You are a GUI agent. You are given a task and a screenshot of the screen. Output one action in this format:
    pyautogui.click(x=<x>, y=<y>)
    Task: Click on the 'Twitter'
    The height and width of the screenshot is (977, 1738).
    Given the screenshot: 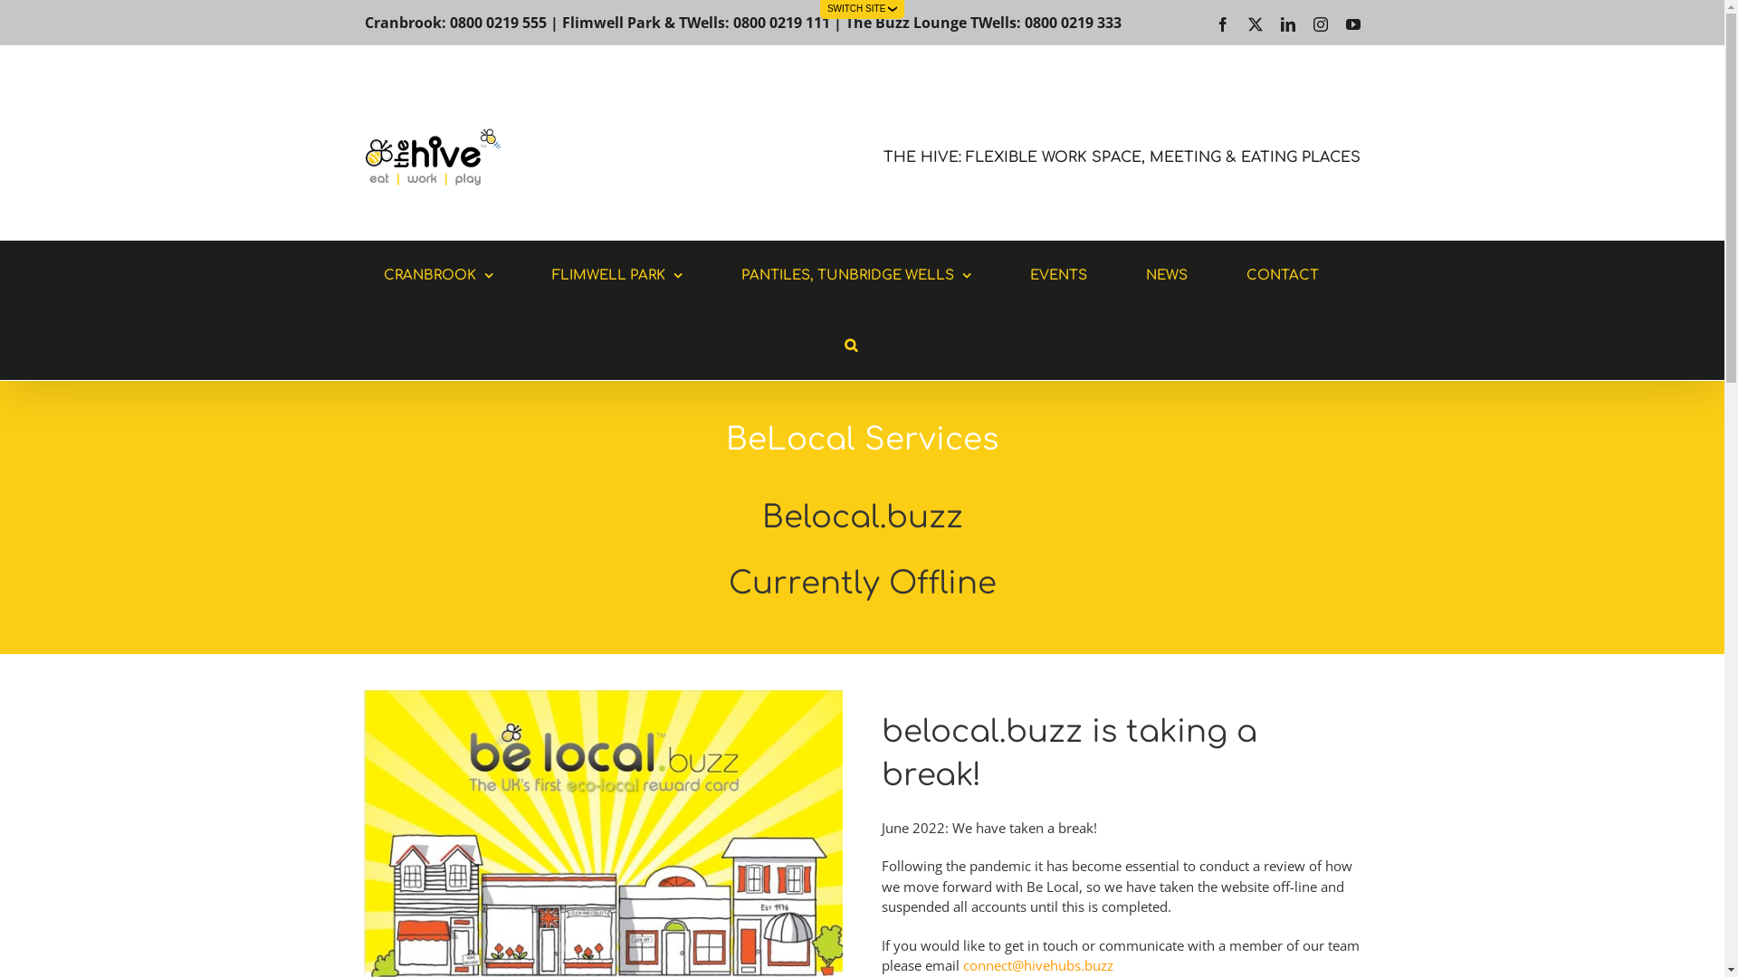 What is the action you would take?
    pyautogui.click(x=1254, y=24)
    